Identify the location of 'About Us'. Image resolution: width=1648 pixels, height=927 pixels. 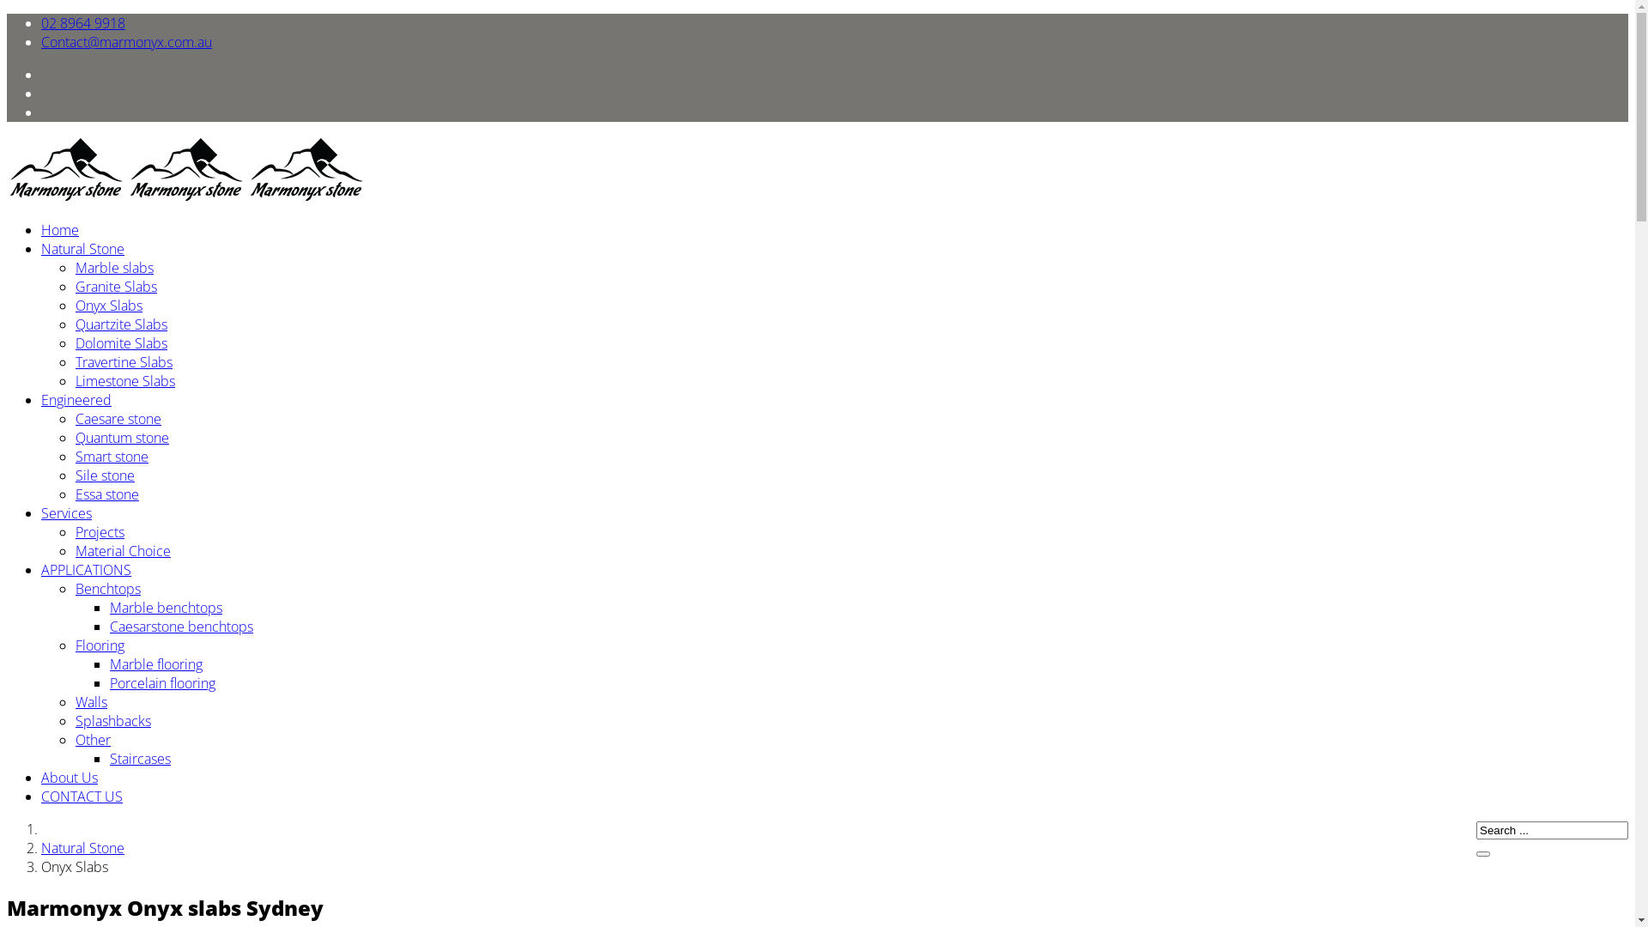
(69, 778).